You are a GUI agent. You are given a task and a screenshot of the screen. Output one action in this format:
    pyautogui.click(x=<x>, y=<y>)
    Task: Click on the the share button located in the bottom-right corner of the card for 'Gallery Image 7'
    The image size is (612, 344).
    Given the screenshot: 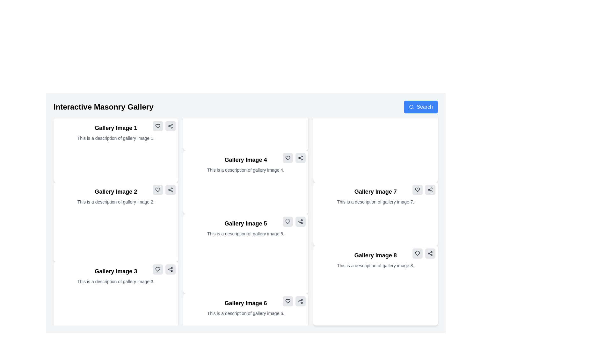 What is the action you would take?
    pyautogui.click(x=430, y=190)
    